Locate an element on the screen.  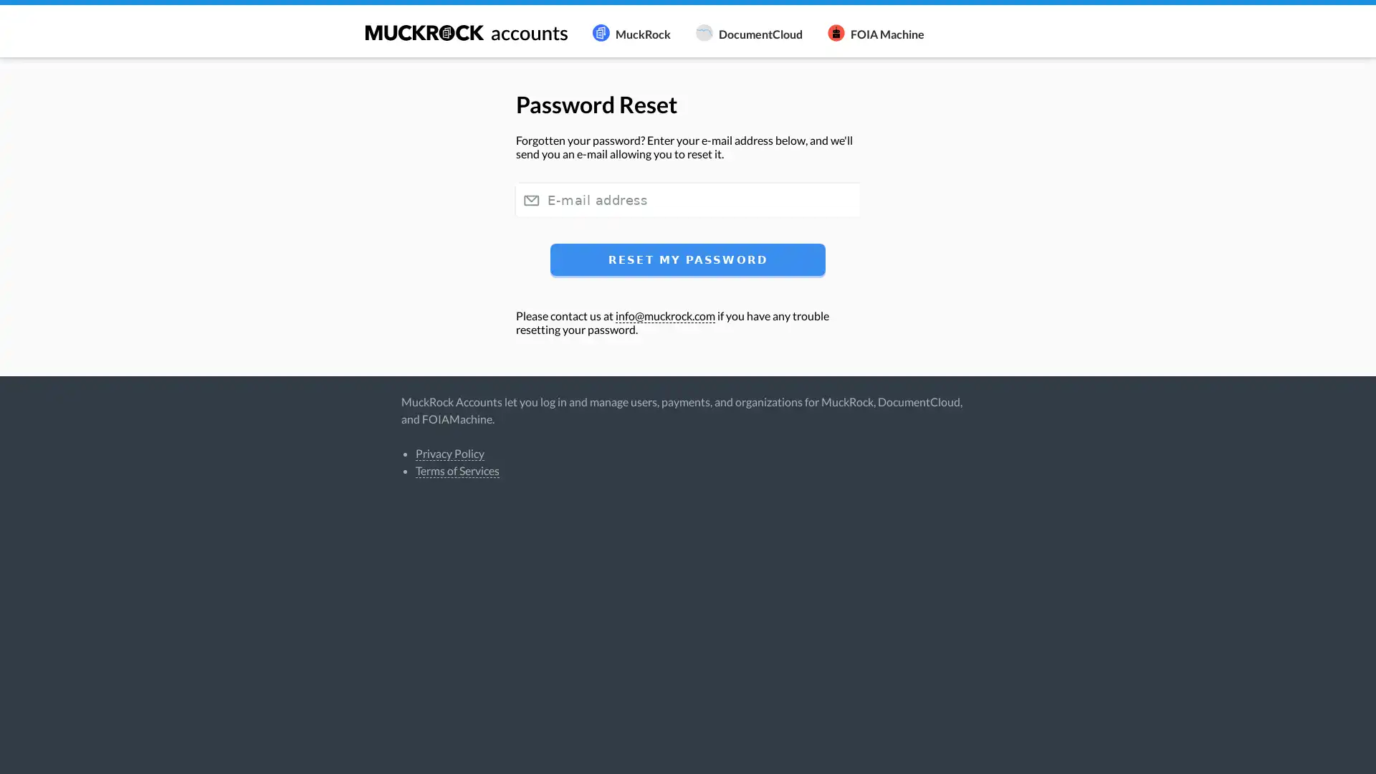
RESET MY PASSWORD is located at coordinates (688, 259).